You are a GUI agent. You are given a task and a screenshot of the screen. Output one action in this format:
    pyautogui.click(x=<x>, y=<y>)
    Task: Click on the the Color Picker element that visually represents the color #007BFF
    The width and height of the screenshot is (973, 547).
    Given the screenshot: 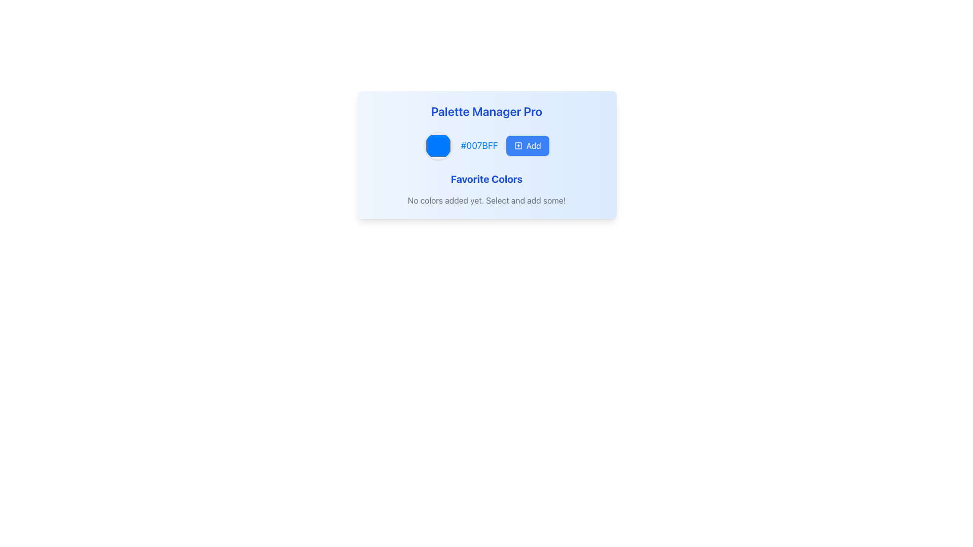 What is the action you would take?
    pyautogui.click(x=438, y=146)
    